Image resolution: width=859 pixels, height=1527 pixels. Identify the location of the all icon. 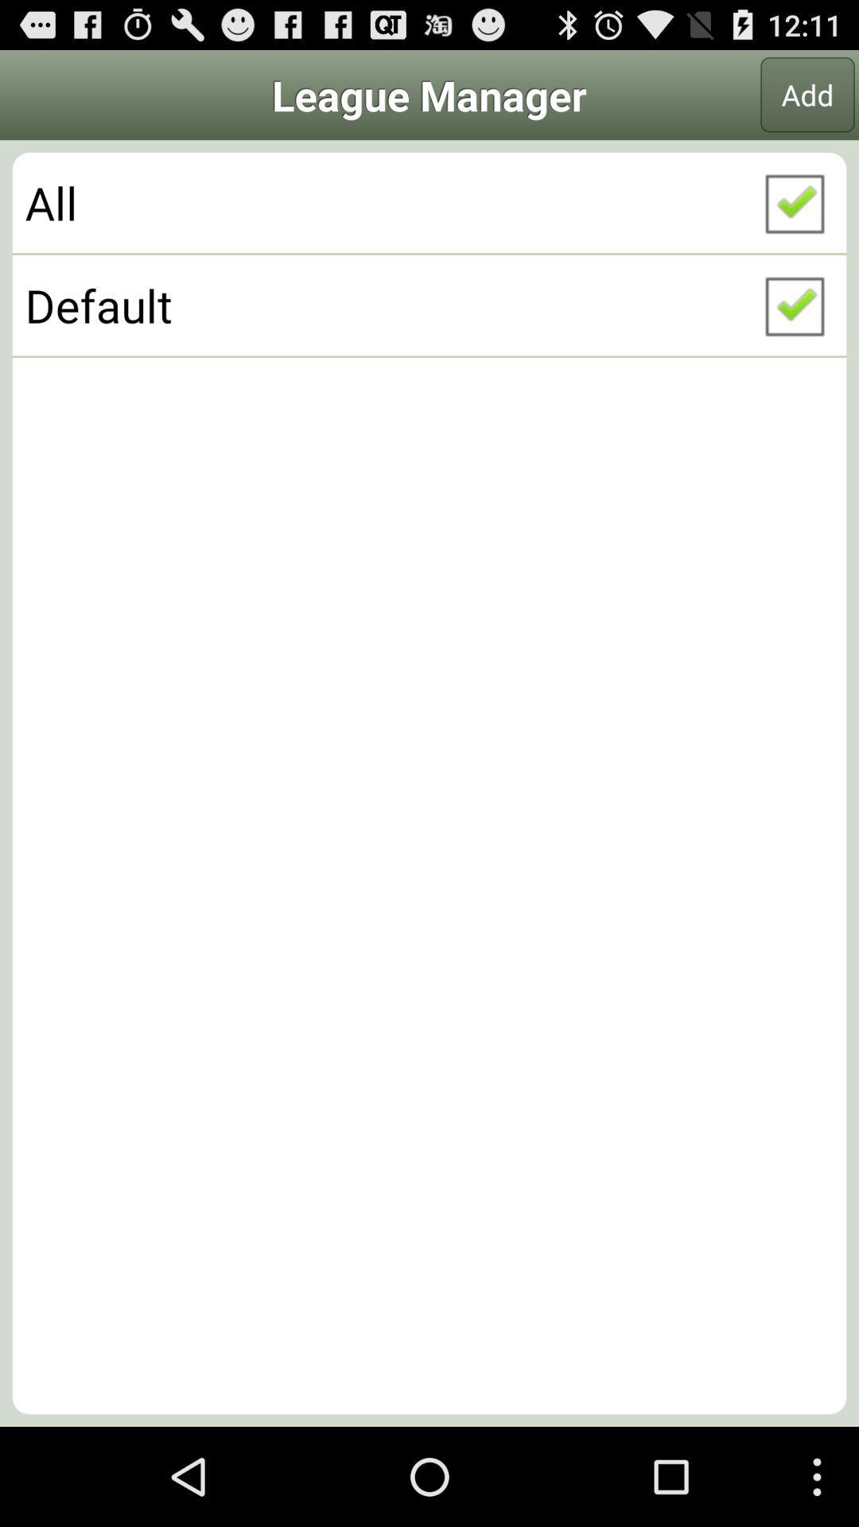
(429, 201).